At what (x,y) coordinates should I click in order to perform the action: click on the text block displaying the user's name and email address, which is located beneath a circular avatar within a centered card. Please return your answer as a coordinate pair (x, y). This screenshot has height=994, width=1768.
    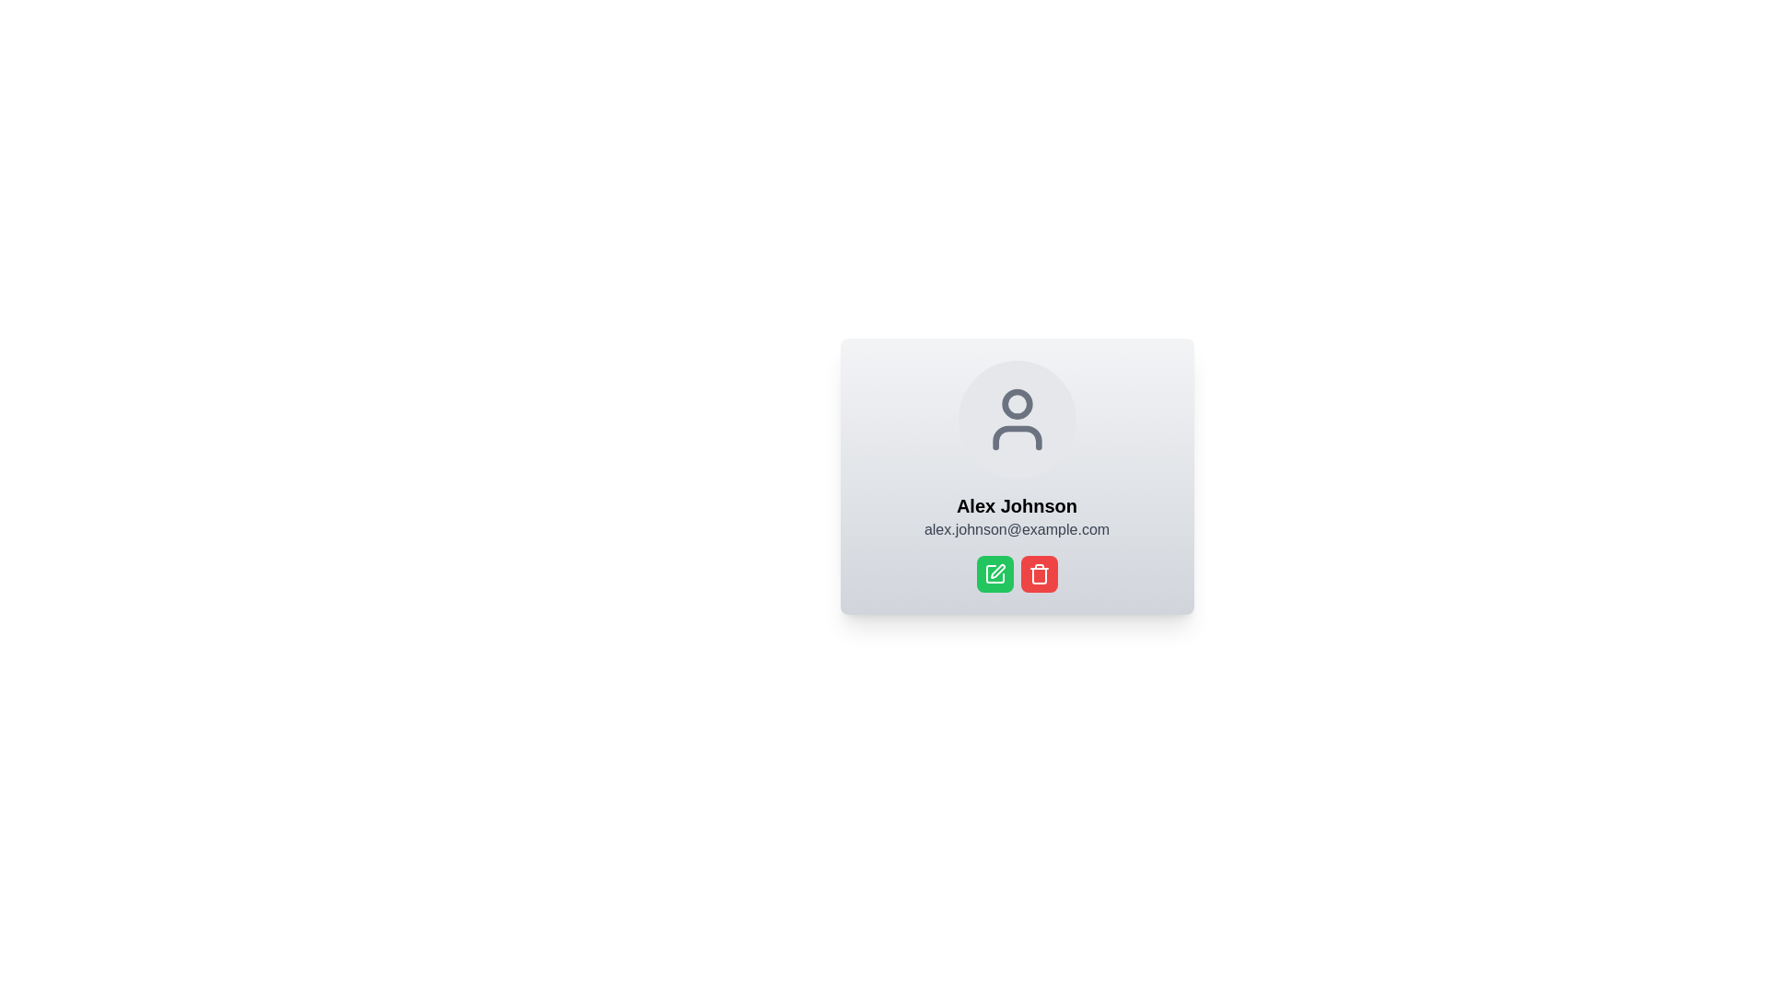
    Looking at the image, I should click on (1016, 517).